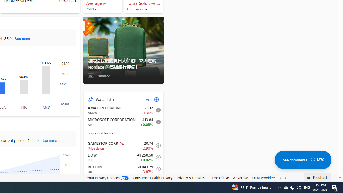  What do you see at coordinates (240, 177) in the screenshot?
I see `'Advertise'` at bounding box center [240, 177].